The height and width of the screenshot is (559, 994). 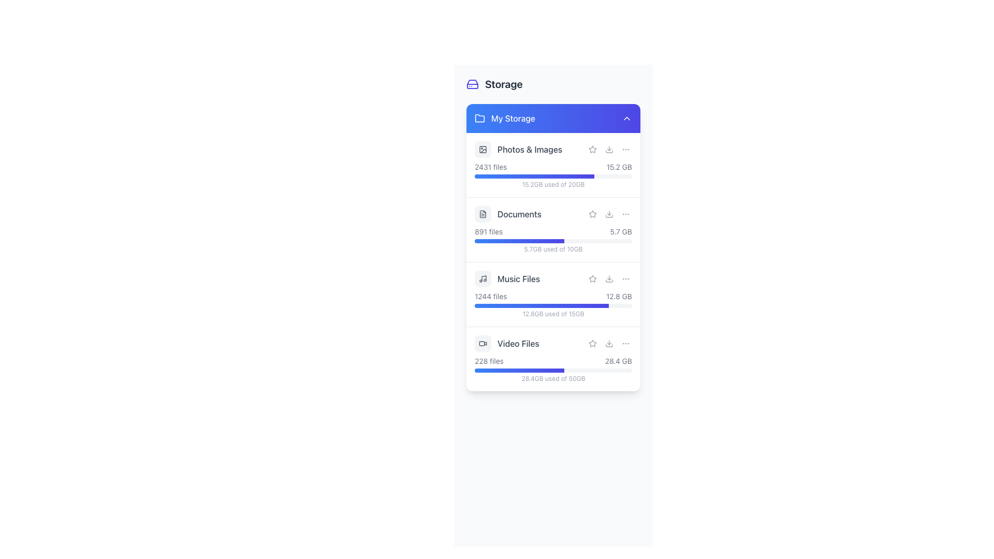 What do you see at coordinates (592, 343) in the screenshot?
I see `the third gray star-shaped icon toggle in the 'My Storage' section` at bounding box center [592, 343].